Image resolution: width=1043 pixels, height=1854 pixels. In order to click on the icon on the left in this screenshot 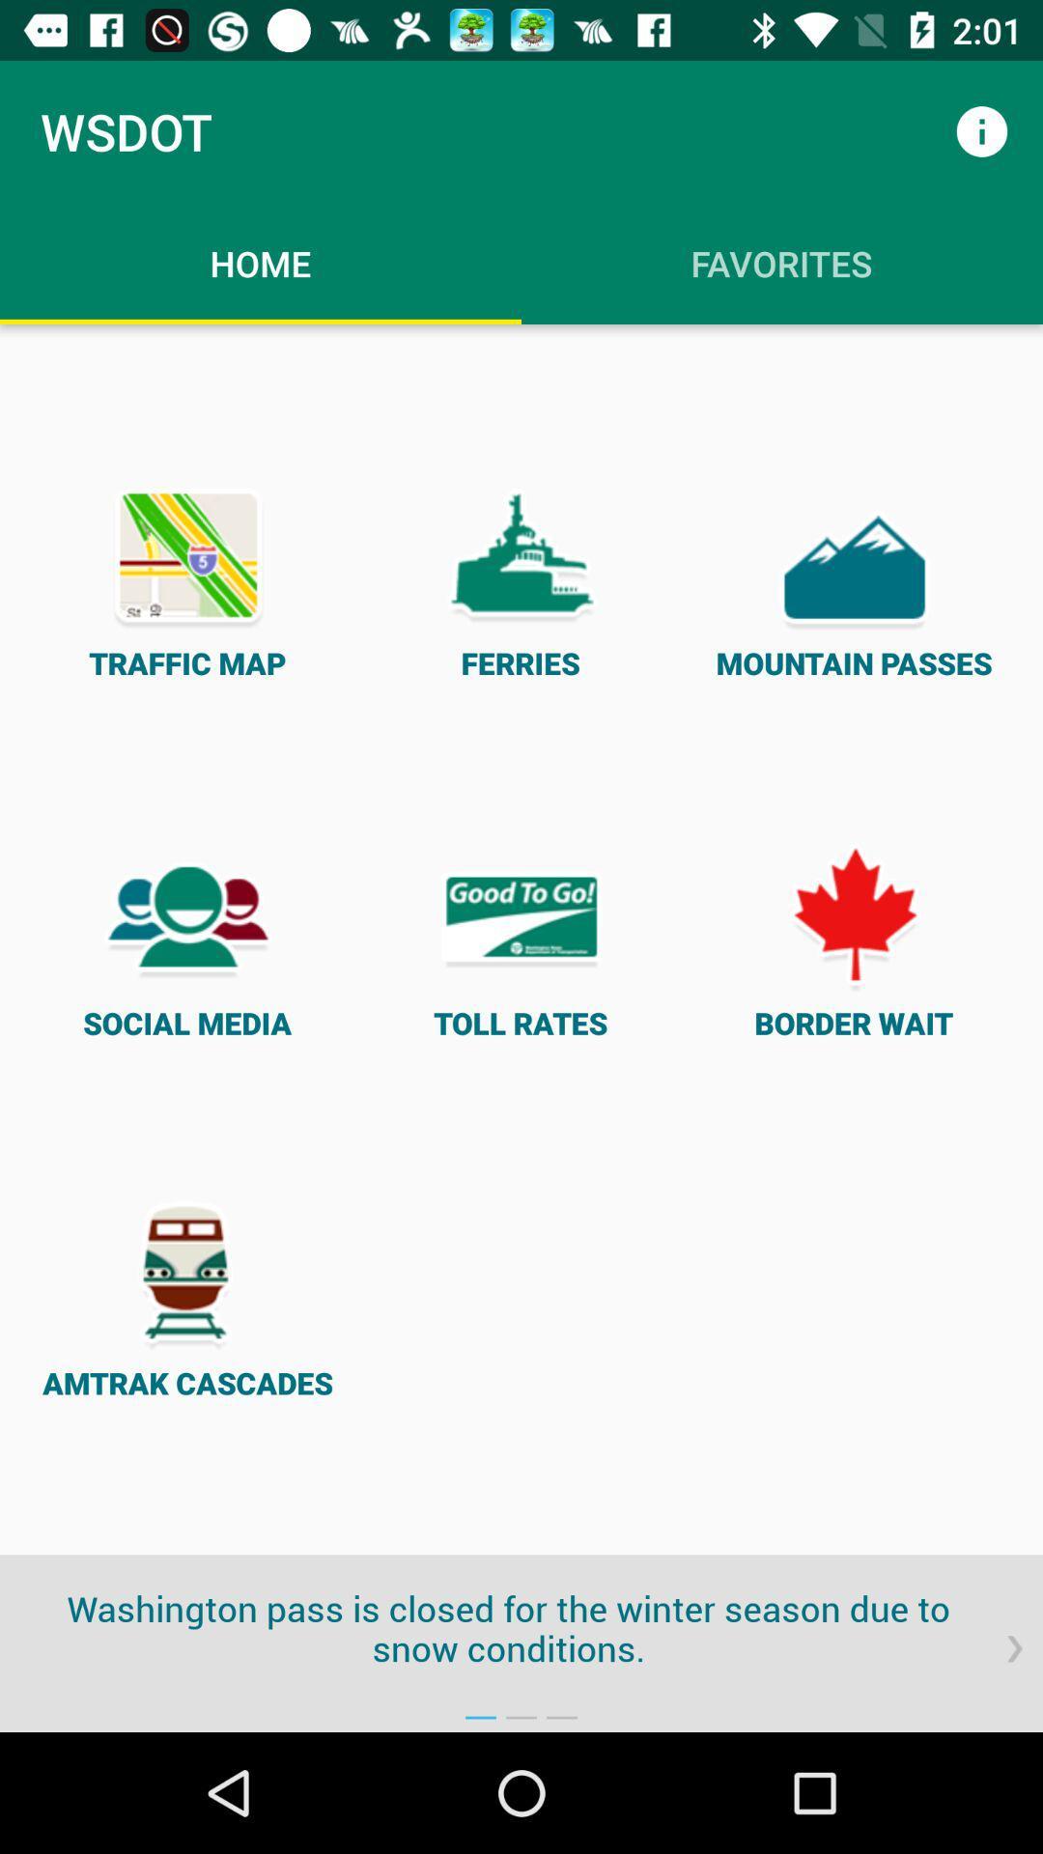, I will do `click(187, 940)`.